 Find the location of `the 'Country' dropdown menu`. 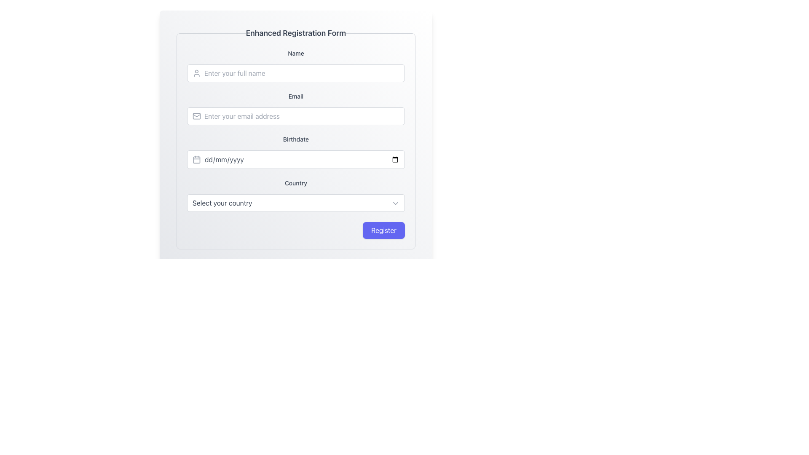

the 'Country' dropdown menu is located at coordinates (296, 195).